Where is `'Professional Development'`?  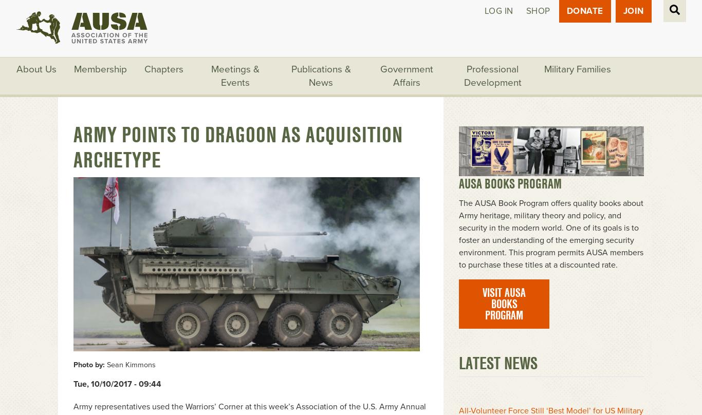
'Professional Development' is located at coordinates (492, 74).